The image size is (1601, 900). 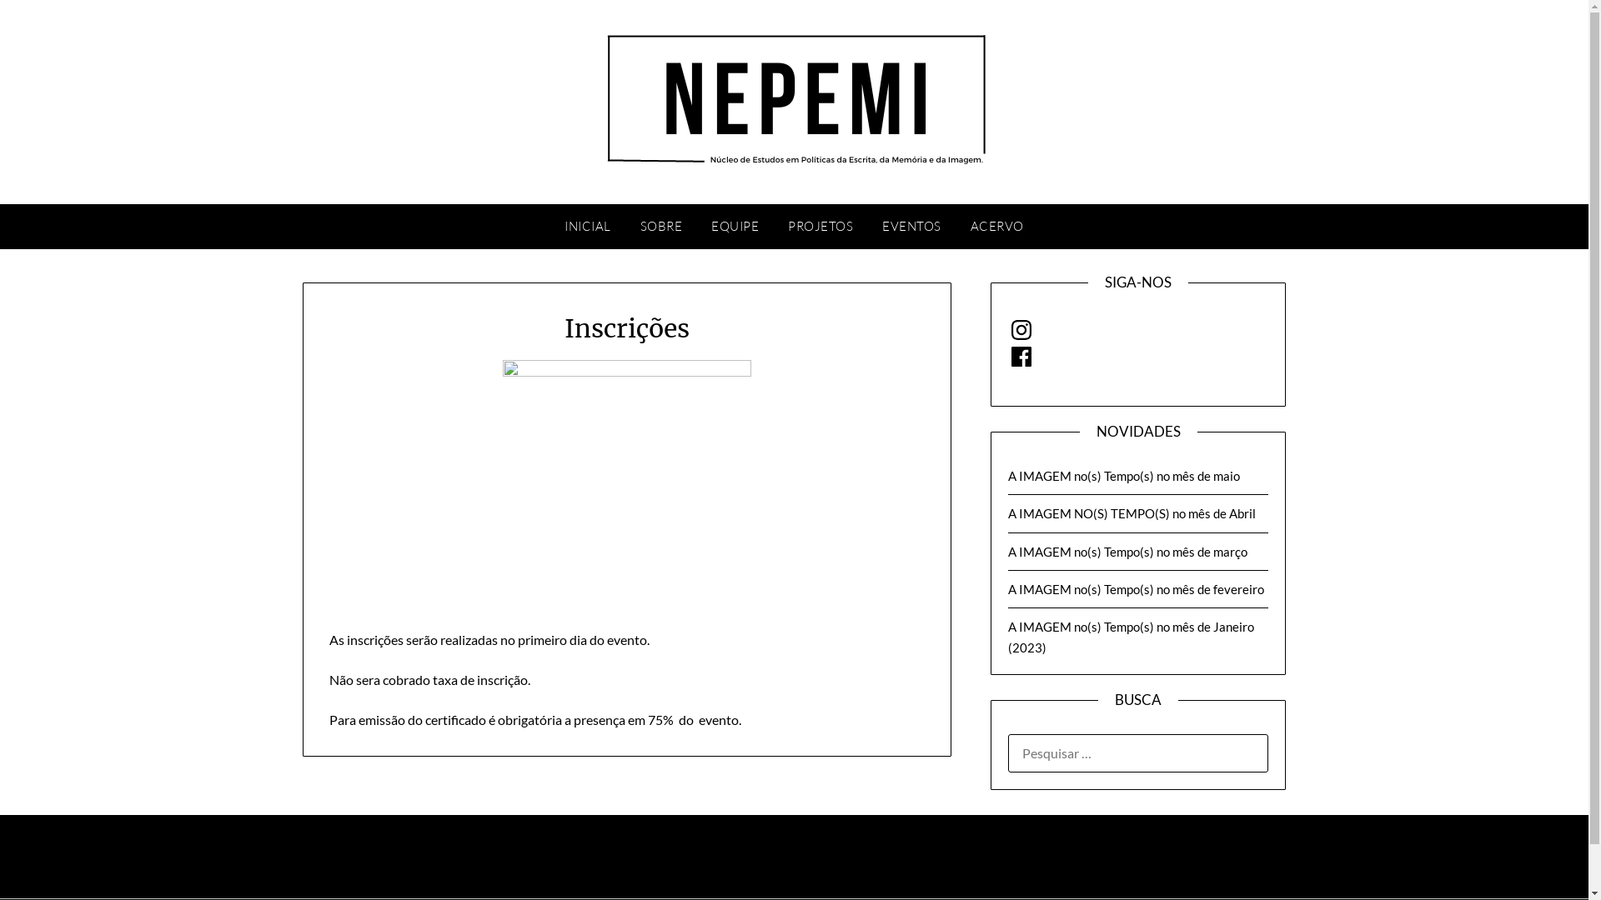 I want to click on 'Bailarinas', so click(x=626, y=485).